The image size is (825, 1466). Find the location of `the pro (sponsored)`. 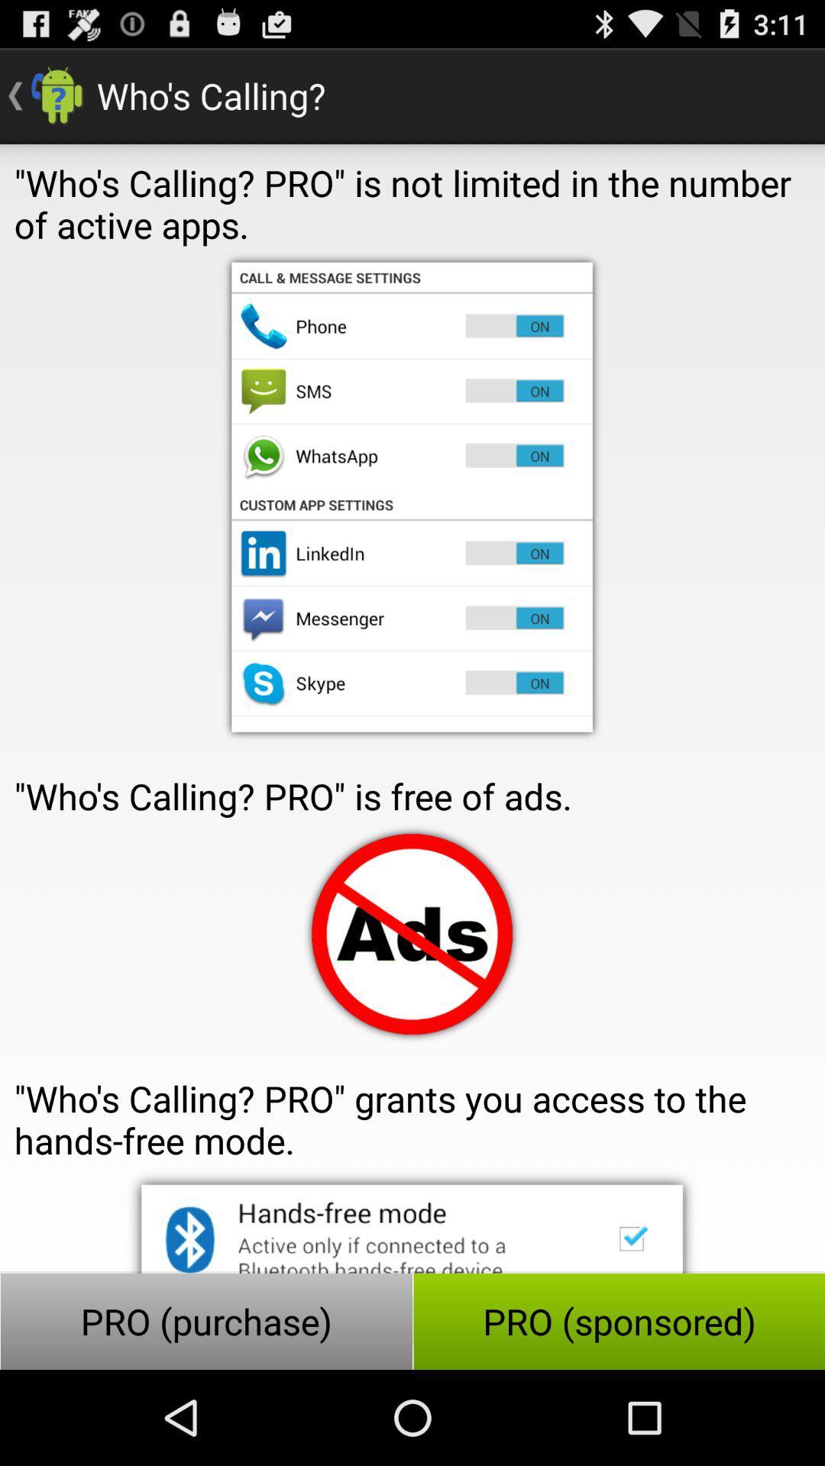

the pro (sponsored) is located at coordinates (619, 1321).